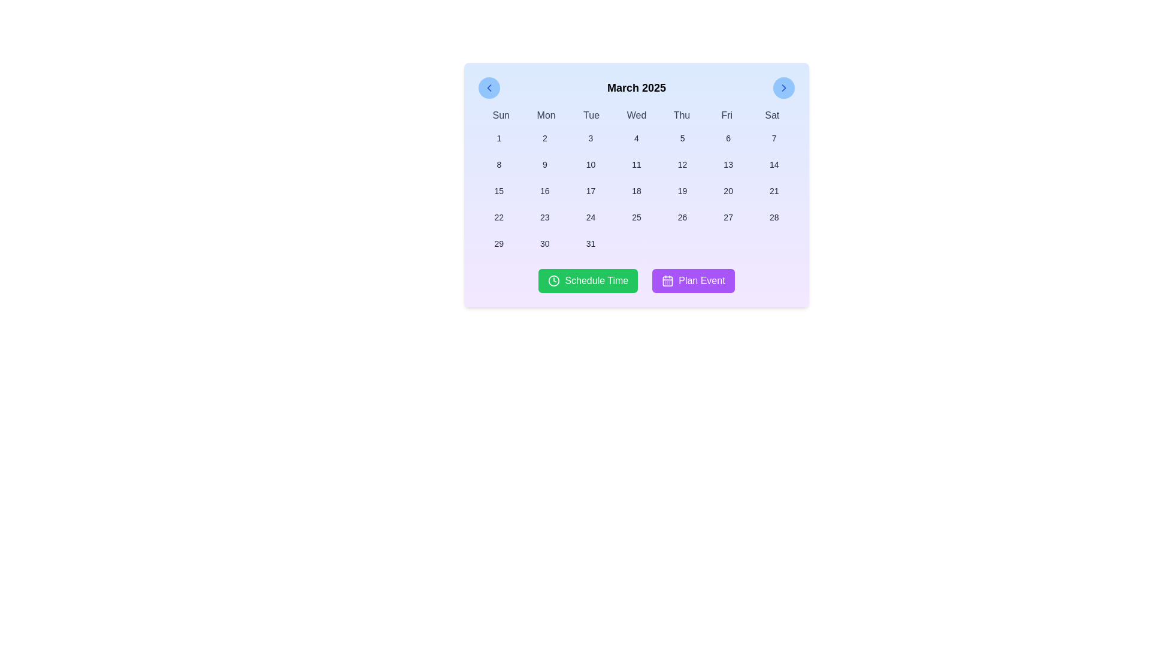 The width and height of the screenshot is (1150, 647). Describe the element at coordinates (499, 217) in the screenshot. I see `the calendar date cell displaying '22' with a light purple background and dark gray text` at that location.